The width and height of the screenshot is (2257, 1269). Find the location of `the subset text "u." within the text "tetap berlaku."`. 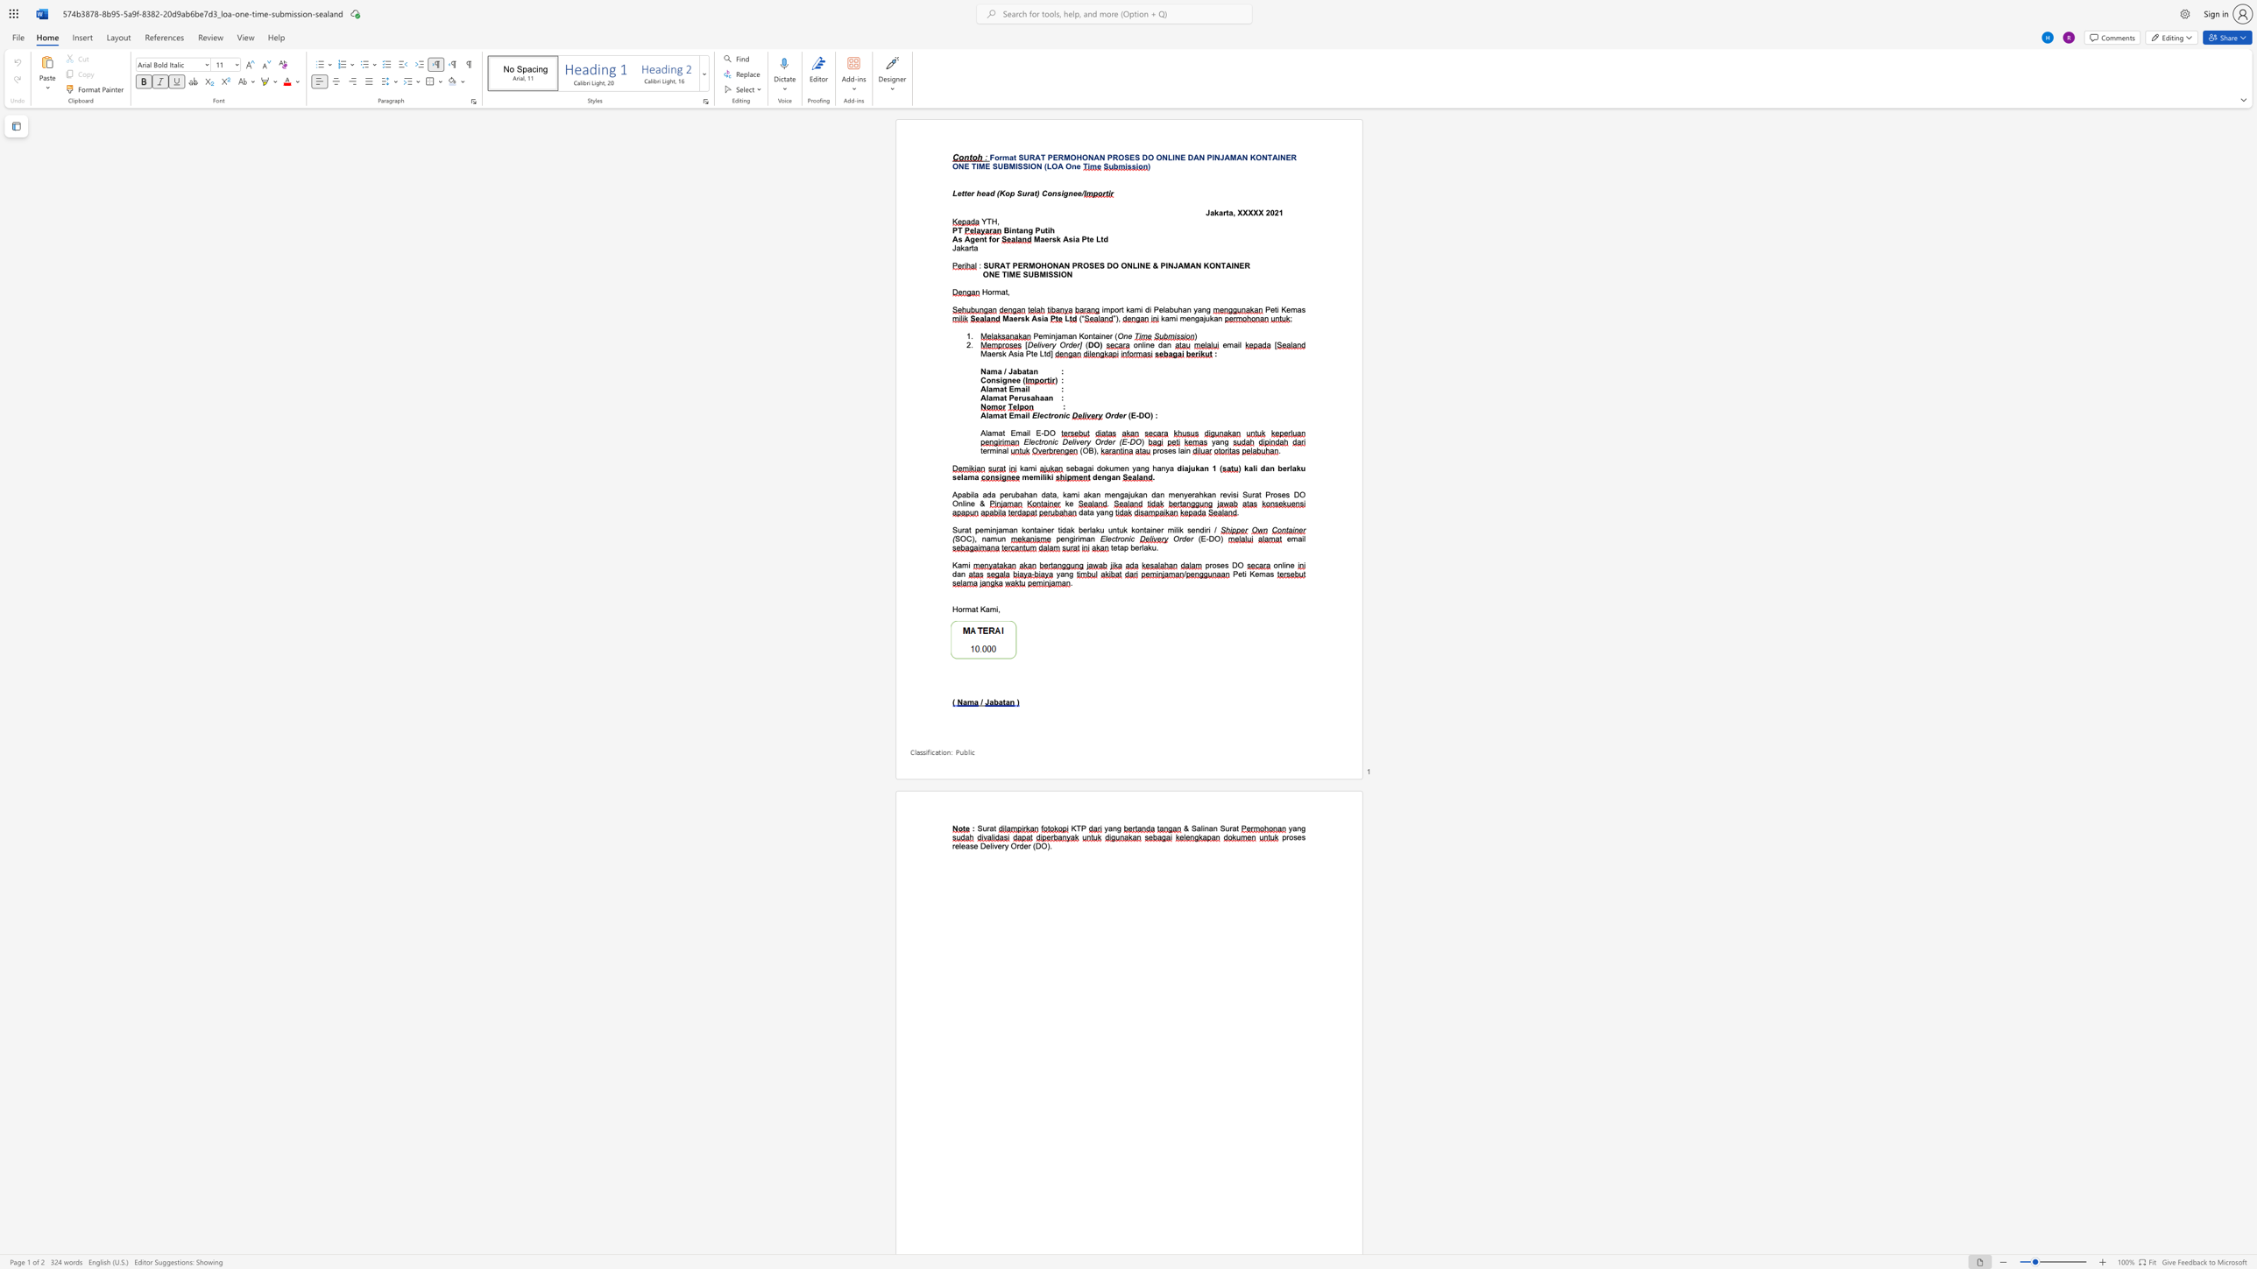

the subset text "u." within the text "tetap berlaku." is located at coordinates (1150, 547).